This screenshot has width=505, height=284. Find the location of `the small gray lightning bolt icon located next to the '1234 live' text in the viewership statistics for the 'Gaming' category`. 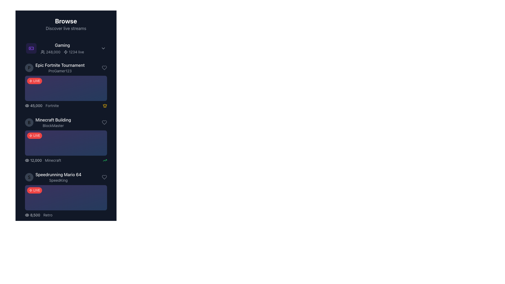

the small gray lightning bolt icon located next to the '1234 live' text in the viewership statistics for the 'Gaming' category is located at coordinates (65, 52).